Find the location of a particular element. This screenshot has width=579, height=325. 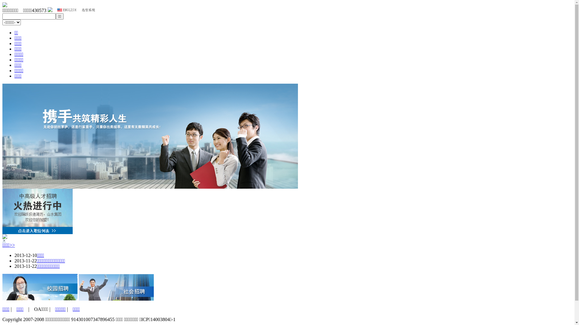

'914301007347896455' is located at coordinates (71, 319).